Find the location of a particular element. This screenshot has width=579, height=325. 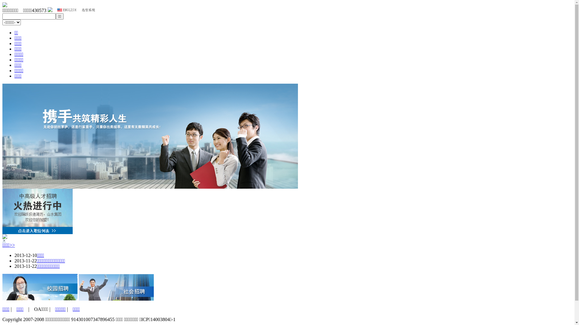

'914301007347896455' is located at coordinates (71, 319).